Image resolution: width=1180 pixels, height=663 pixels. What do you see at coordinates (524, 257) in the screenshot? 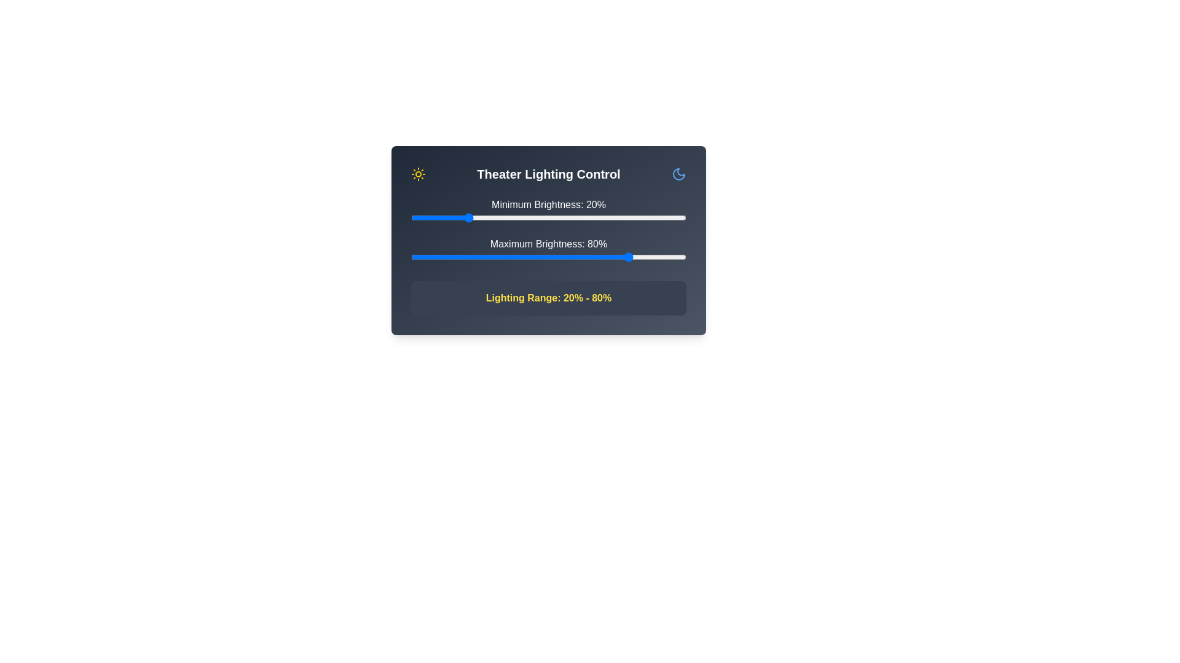
I see `the maximum brightness slider to 41%` at bounding box center [524, 257].